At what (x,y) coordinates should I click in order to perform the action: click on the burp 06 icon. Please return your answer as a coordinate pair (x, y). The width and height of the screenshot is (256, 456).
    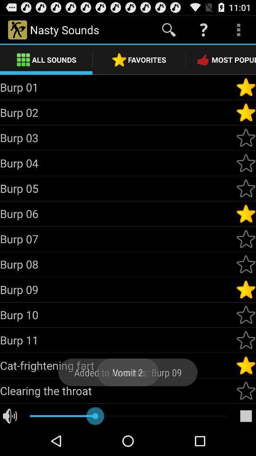
    Looking at the image, I should click on (118, 213).